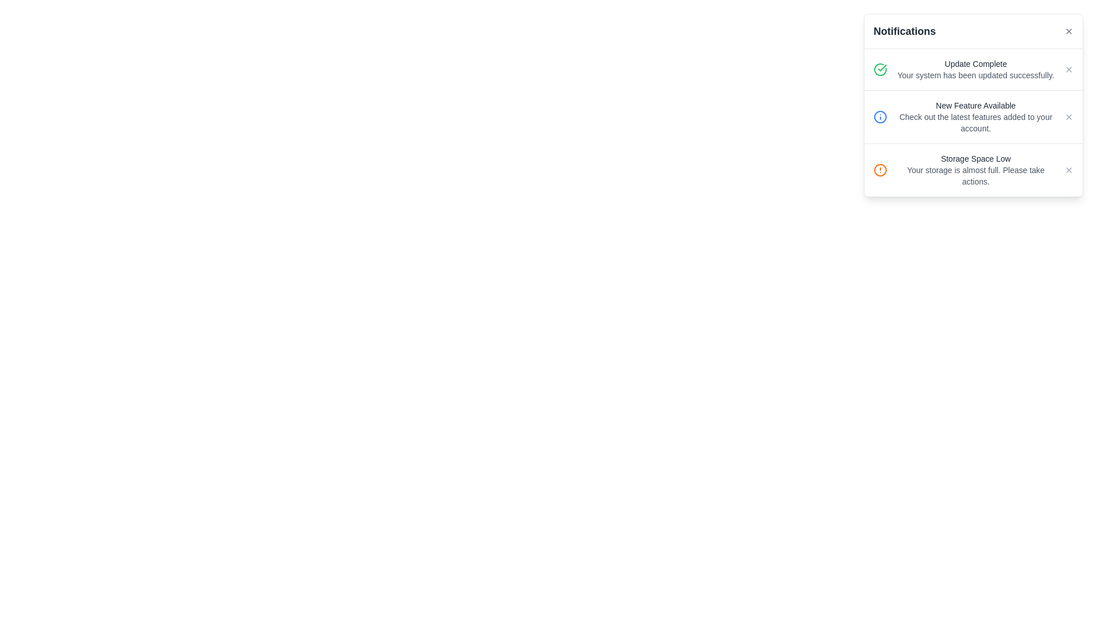 The height and width of the screenshot is (617, 1097). I want to click on the circular outline in the 'Storage Space Low' notification box located in the bottom part of the notification list on the right-hand side of the interface, so click(879, 170).